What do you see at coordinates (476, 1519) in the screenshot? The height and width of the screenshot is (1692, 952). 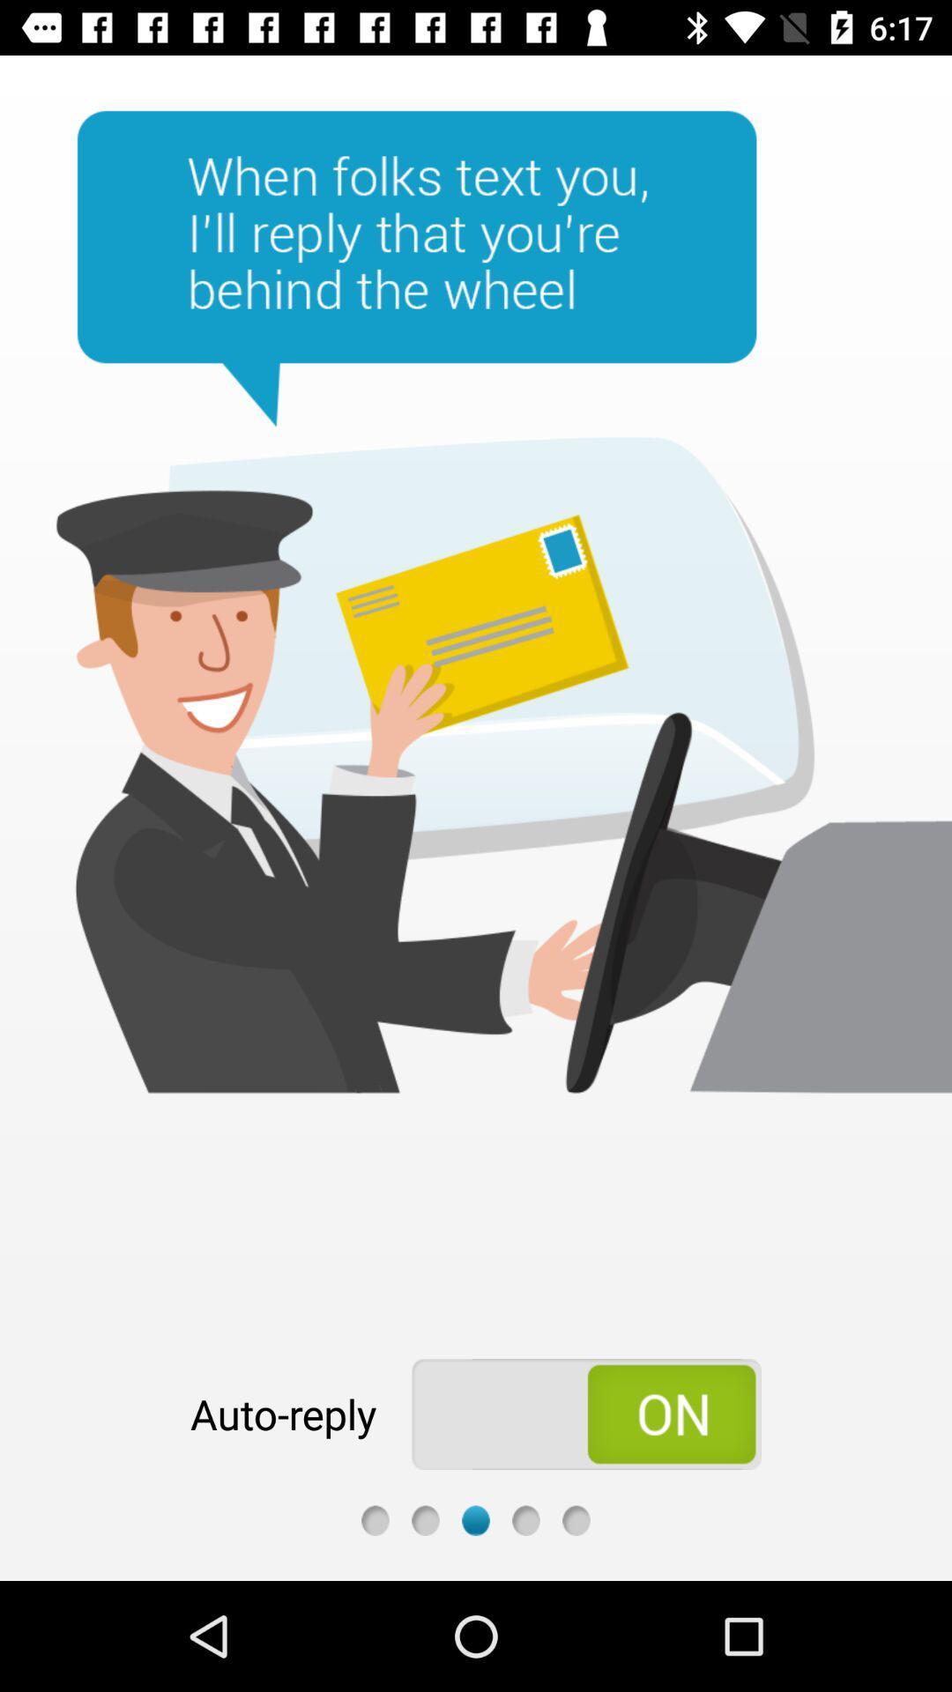 I see `next page` at bounding box center [476, 1519].